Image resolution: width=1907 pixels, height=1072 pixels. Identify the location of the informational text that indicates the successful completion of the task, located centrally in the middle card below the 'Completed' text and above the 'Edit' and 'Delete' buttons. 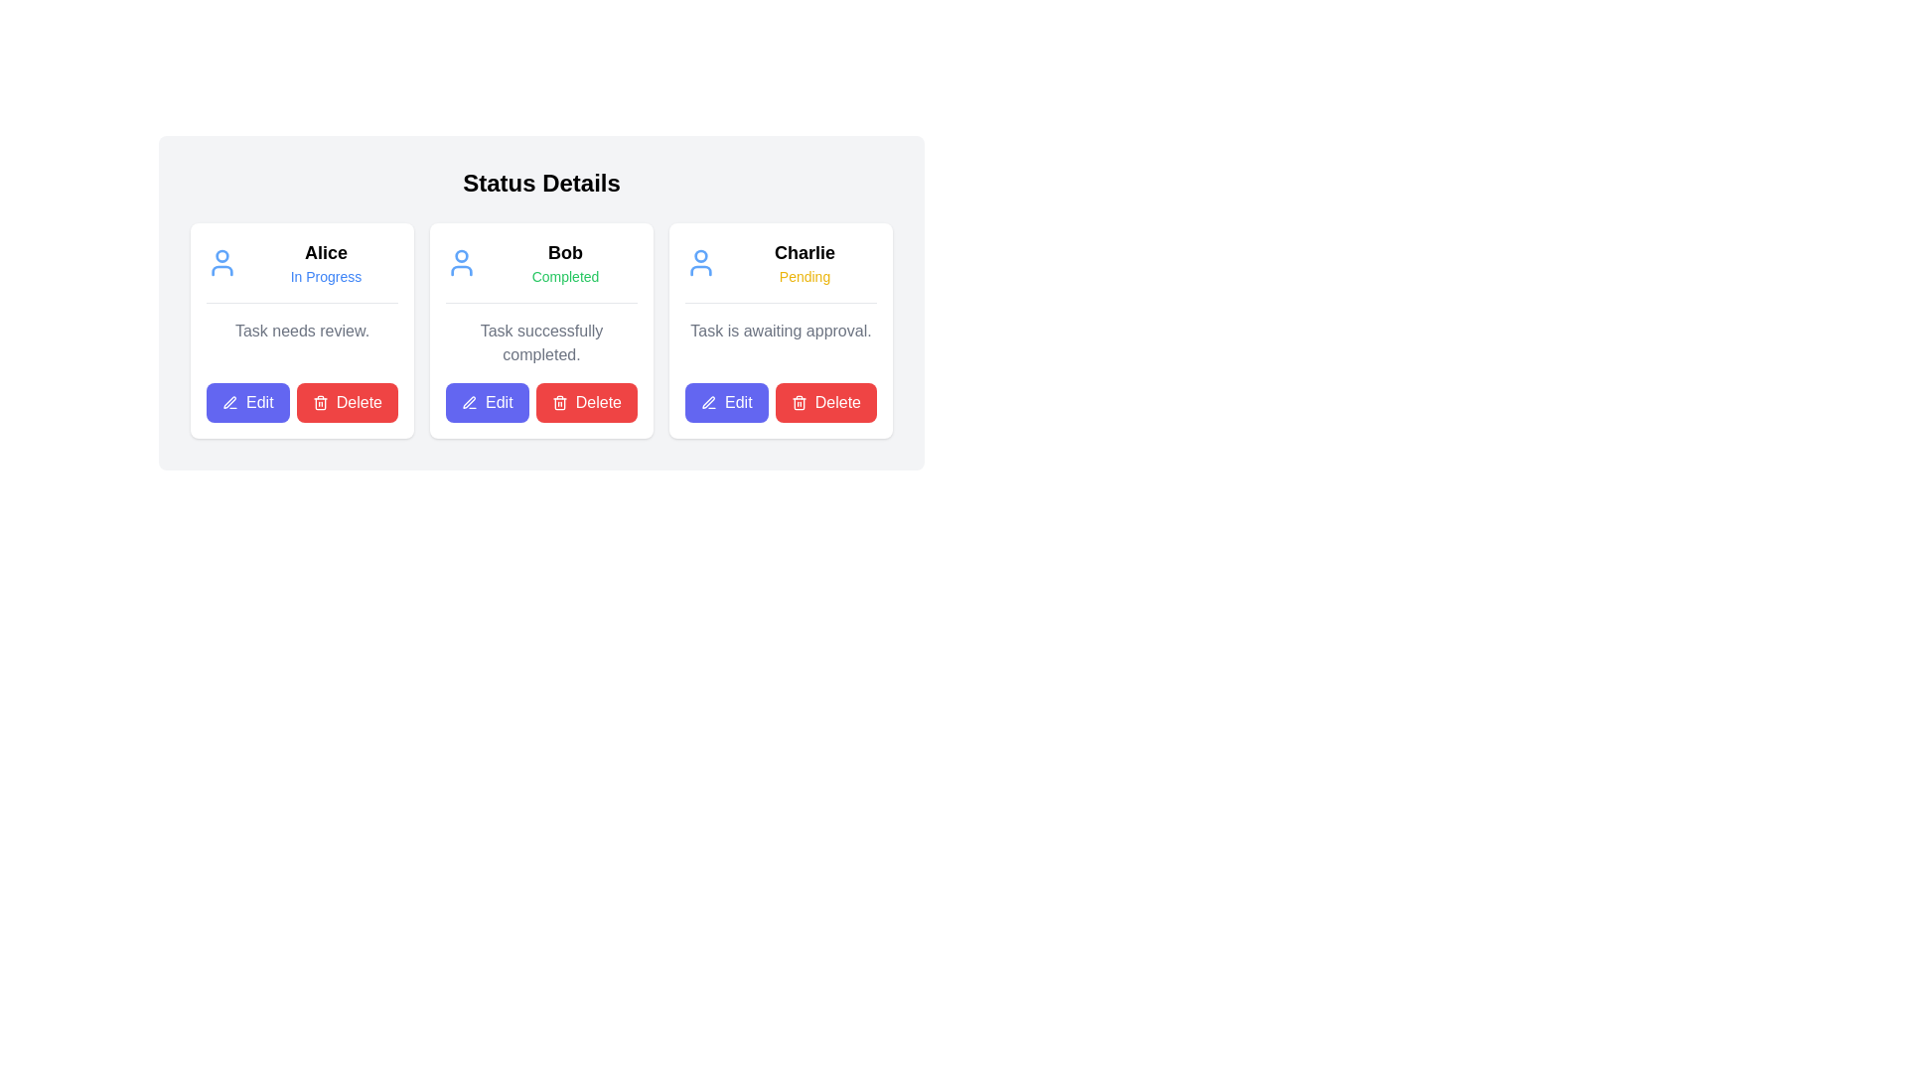
(541, 342).